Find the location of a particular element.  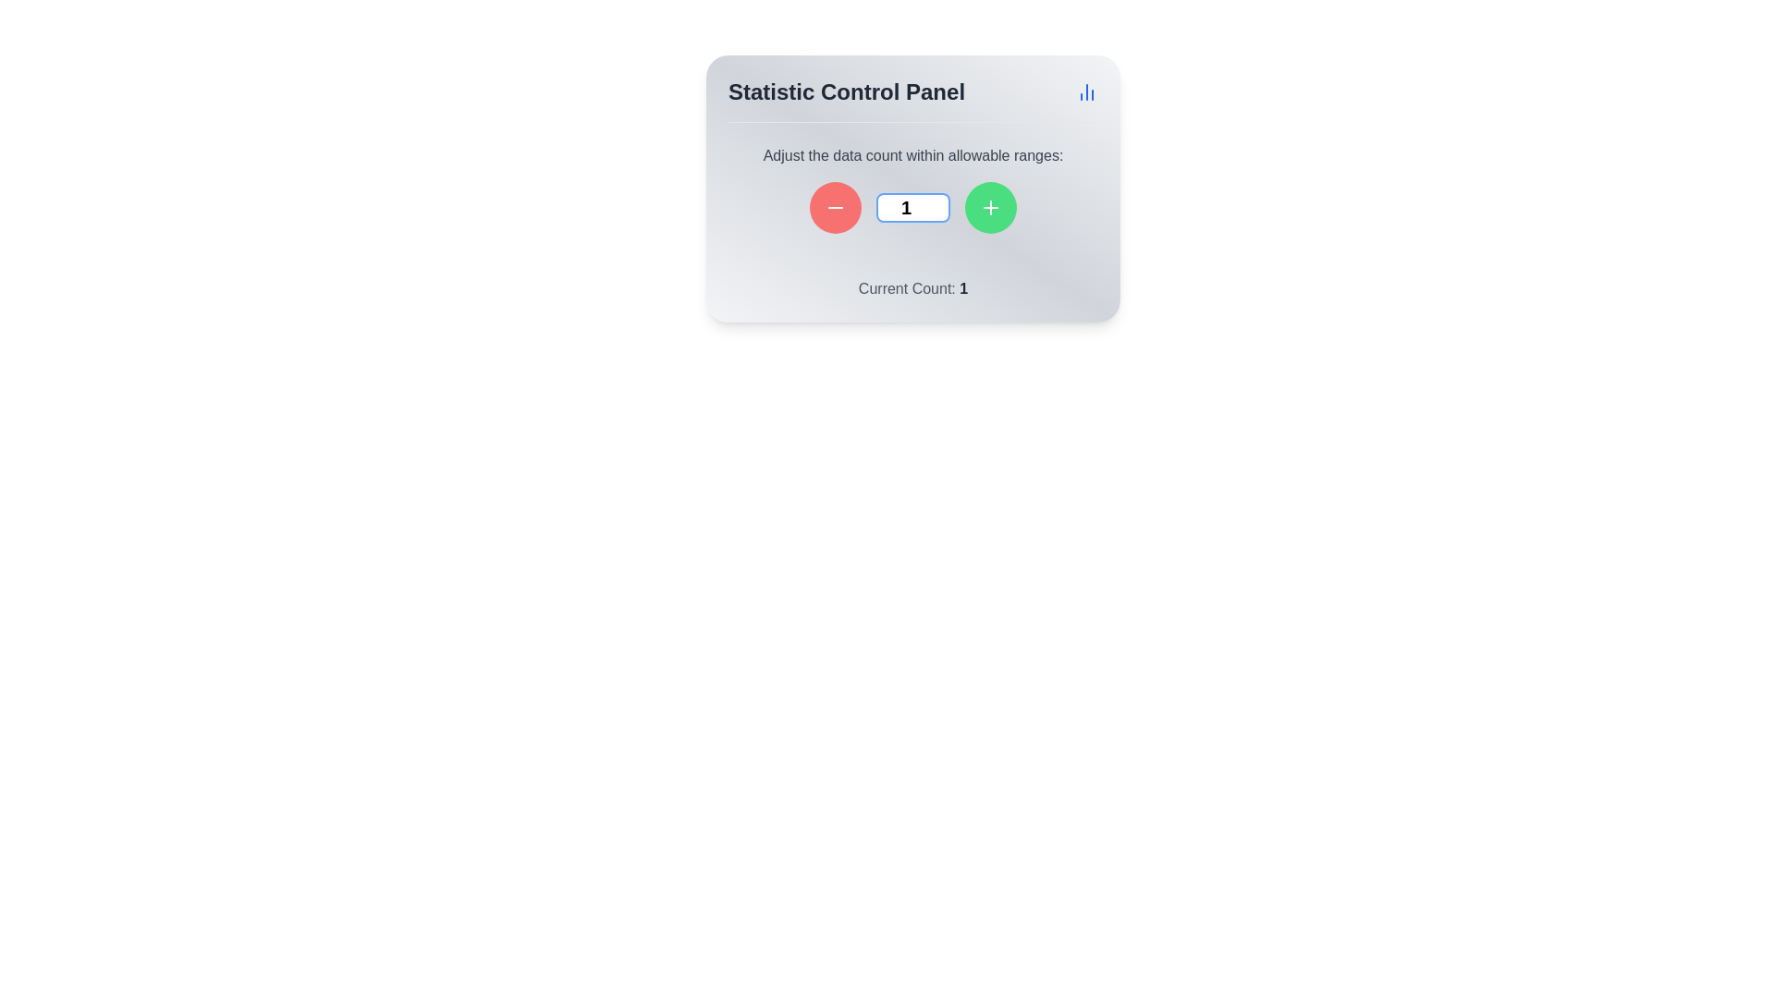

the 'Statistic Control Panel' header element located at the top left of the card component is located at coordinates (846, 92).